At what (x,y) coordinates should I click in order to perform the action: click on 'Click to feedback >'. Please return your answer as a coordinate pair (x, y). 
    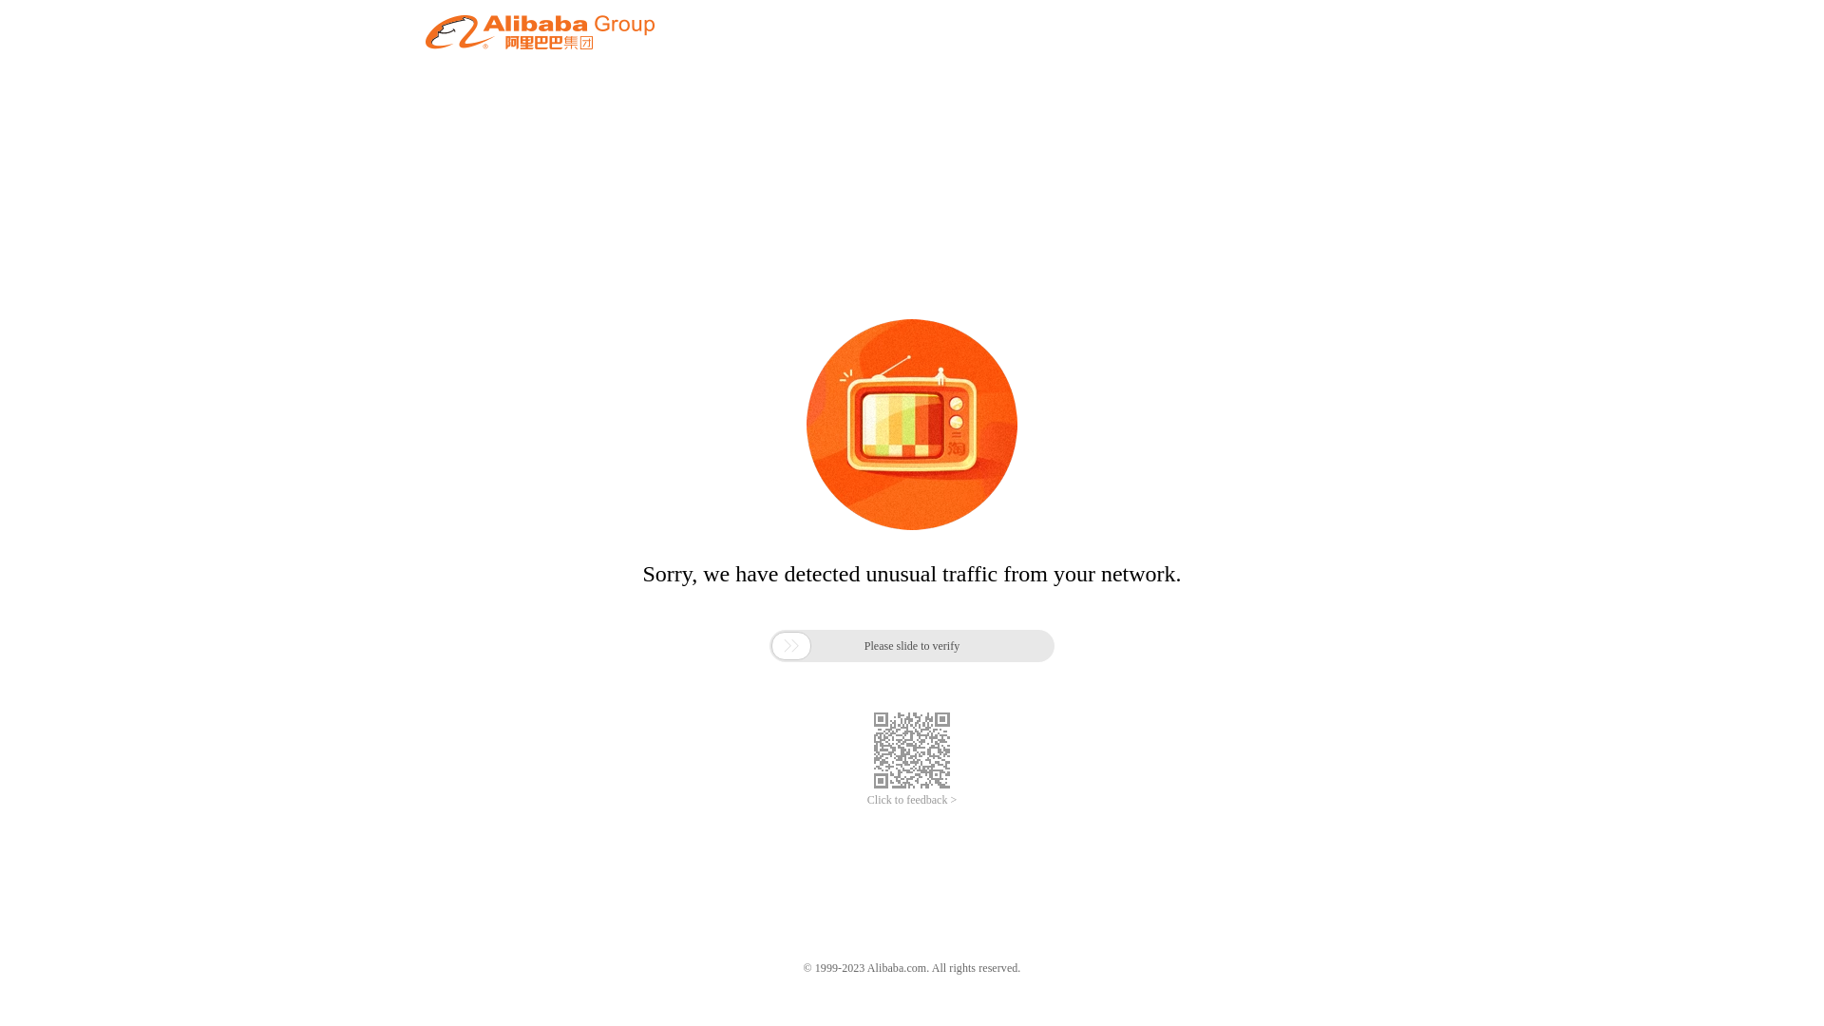
    Looking at the image, I should click on (912, 800).